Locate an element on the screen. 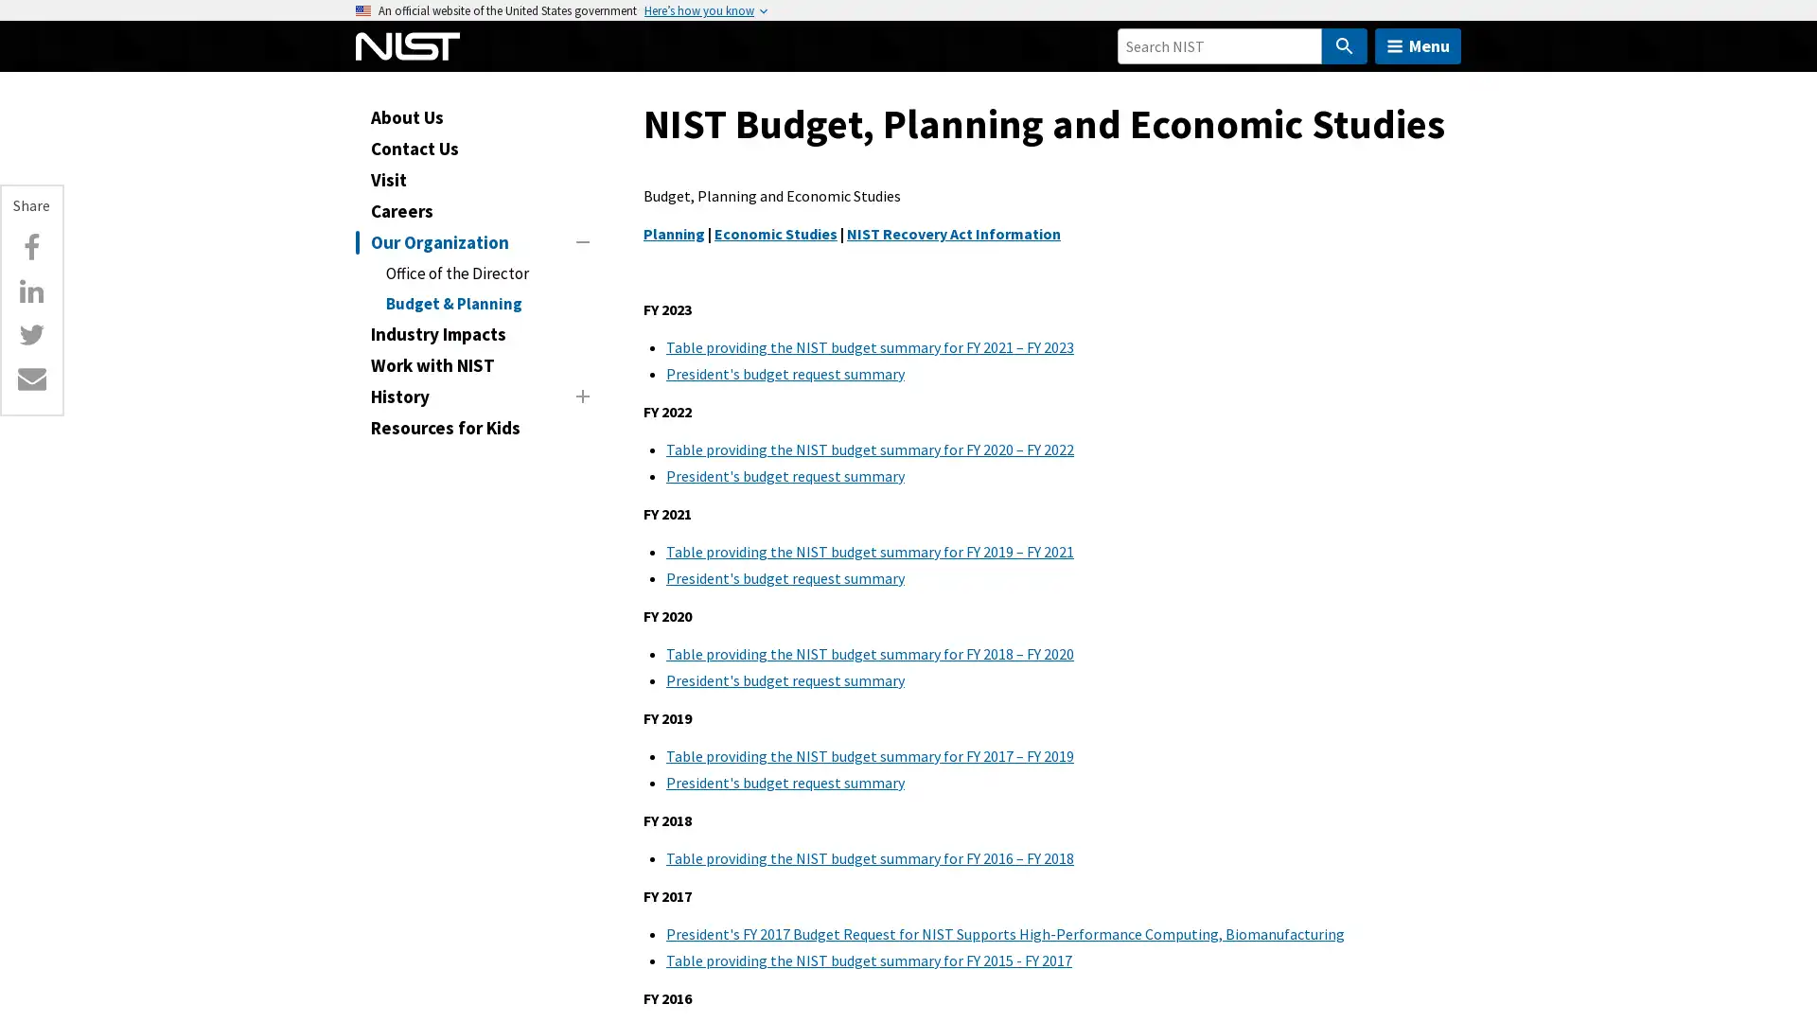  Expand or Collapse is located at coordinates (581, 239).